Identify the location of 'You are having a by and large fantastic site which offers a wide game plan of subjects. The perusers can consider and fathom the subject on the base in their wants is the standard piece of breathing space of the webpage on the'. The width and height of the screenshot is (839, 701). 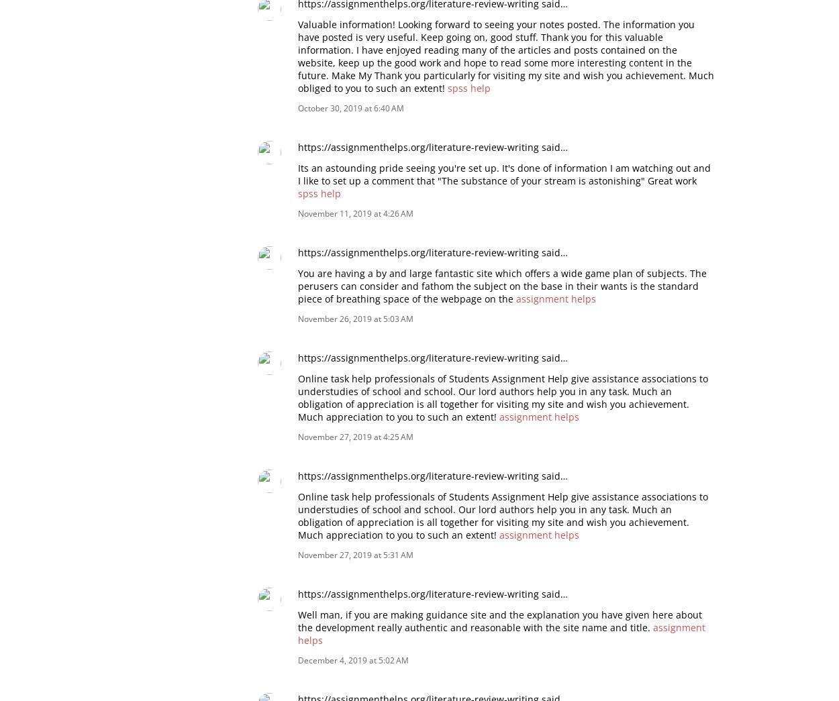
(501, 285).